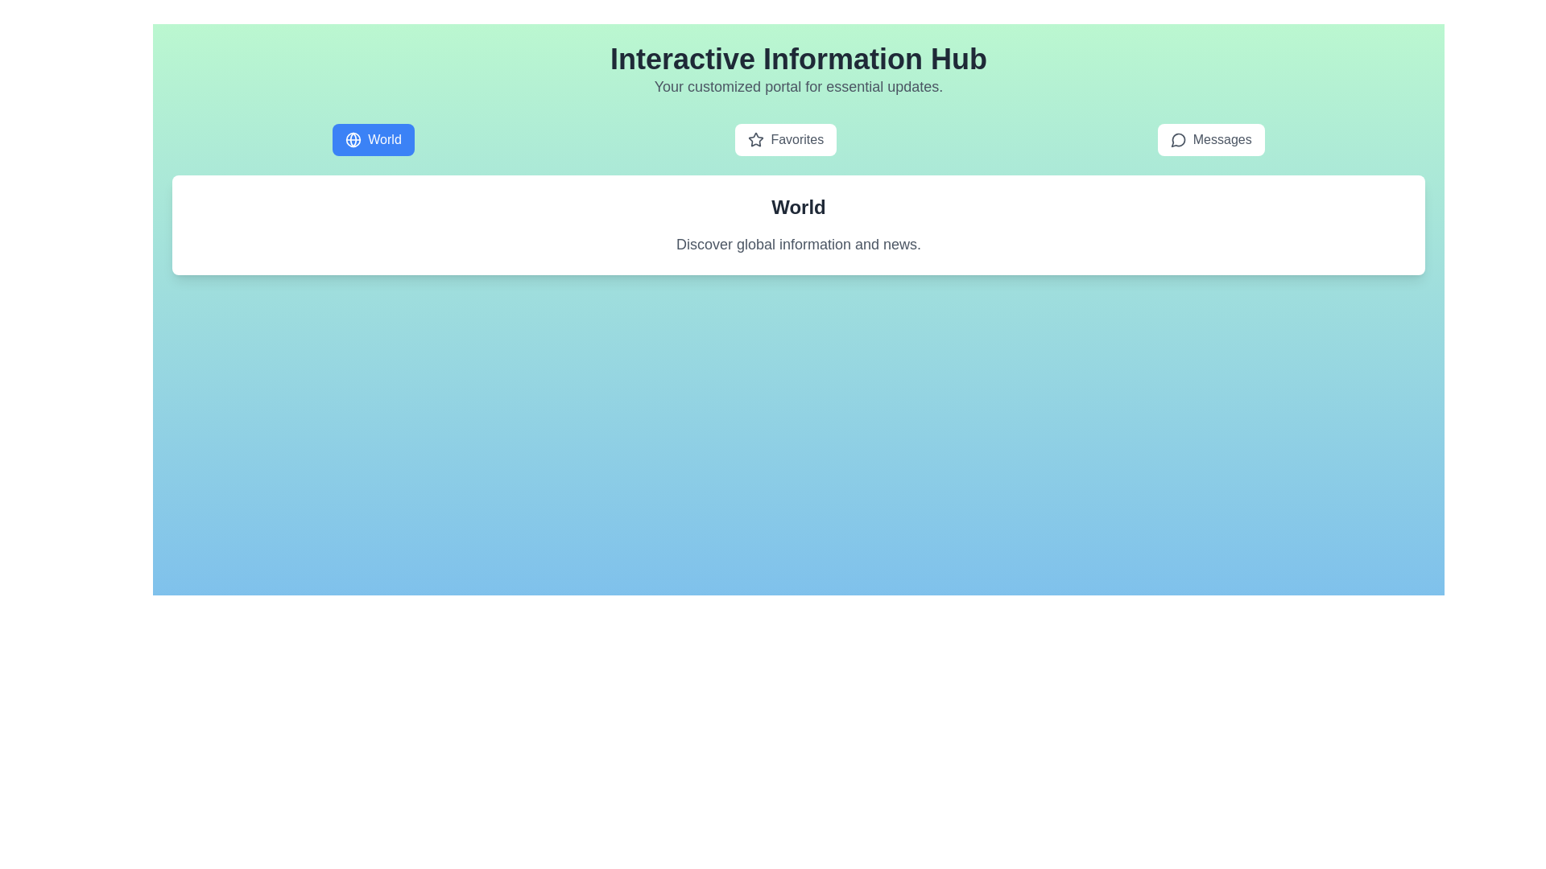 The height and width of the screenshot is (869, 1546). Describe the element at coordinates (373, 138) in the screenshot. I see `the tab labeled World to observe the hover effect` at that location.